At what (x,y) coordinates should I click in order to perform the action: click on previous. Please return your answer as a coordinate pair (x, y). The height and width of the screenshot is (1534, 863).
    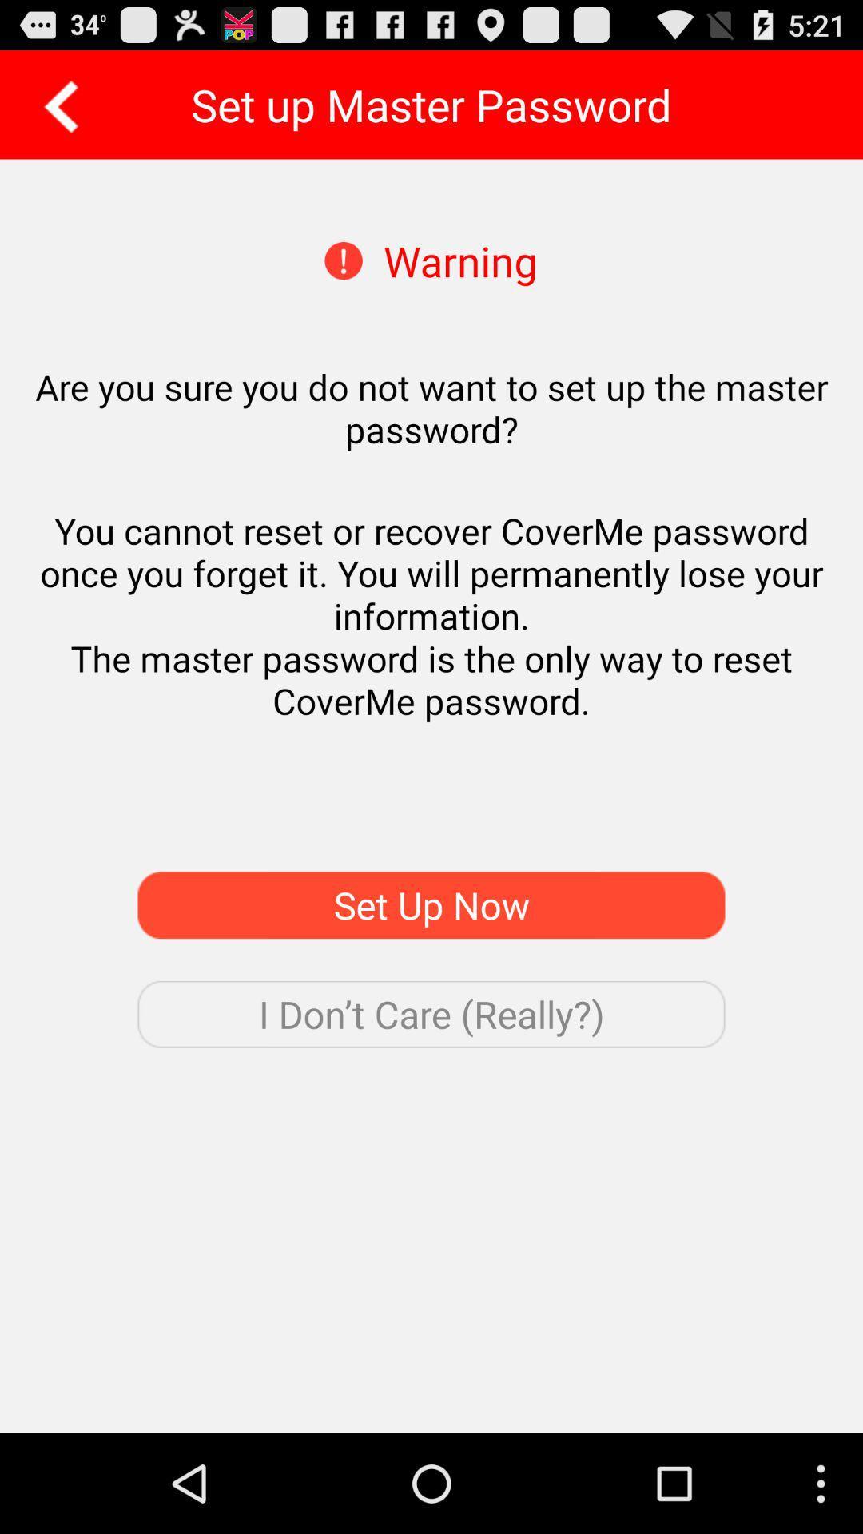
    Looking at the image, I should click on (55, 104).